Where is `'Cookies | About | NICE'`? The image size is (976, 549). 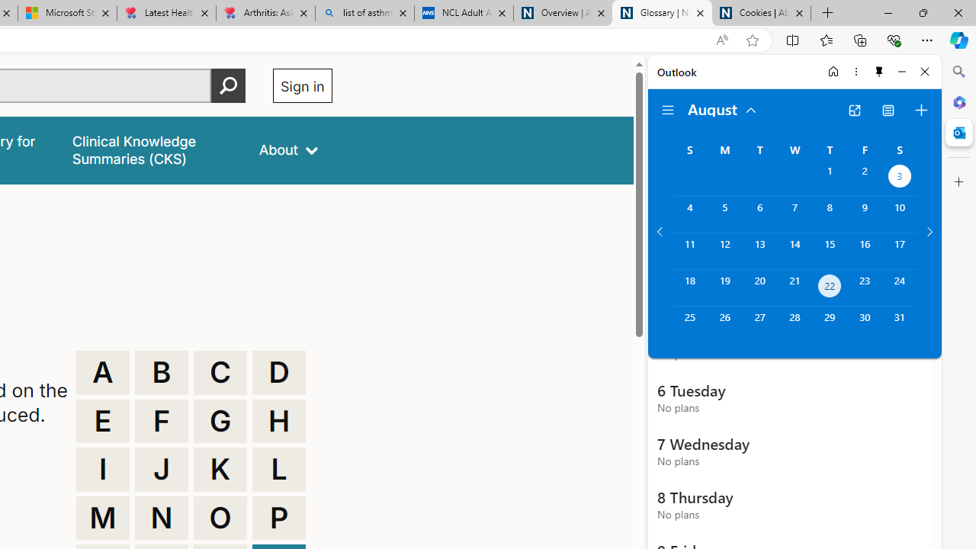
'Cookies | About | NICE' is located at coordinates (762, 13).